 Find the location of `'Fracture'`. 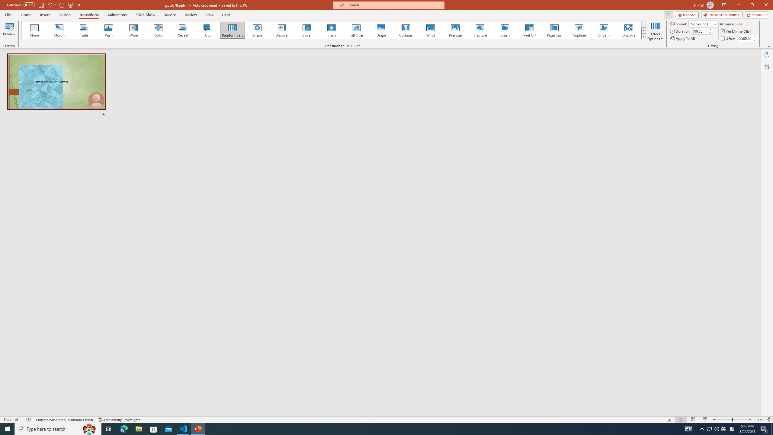

'Fracture' is located at coordinates (480, 30).